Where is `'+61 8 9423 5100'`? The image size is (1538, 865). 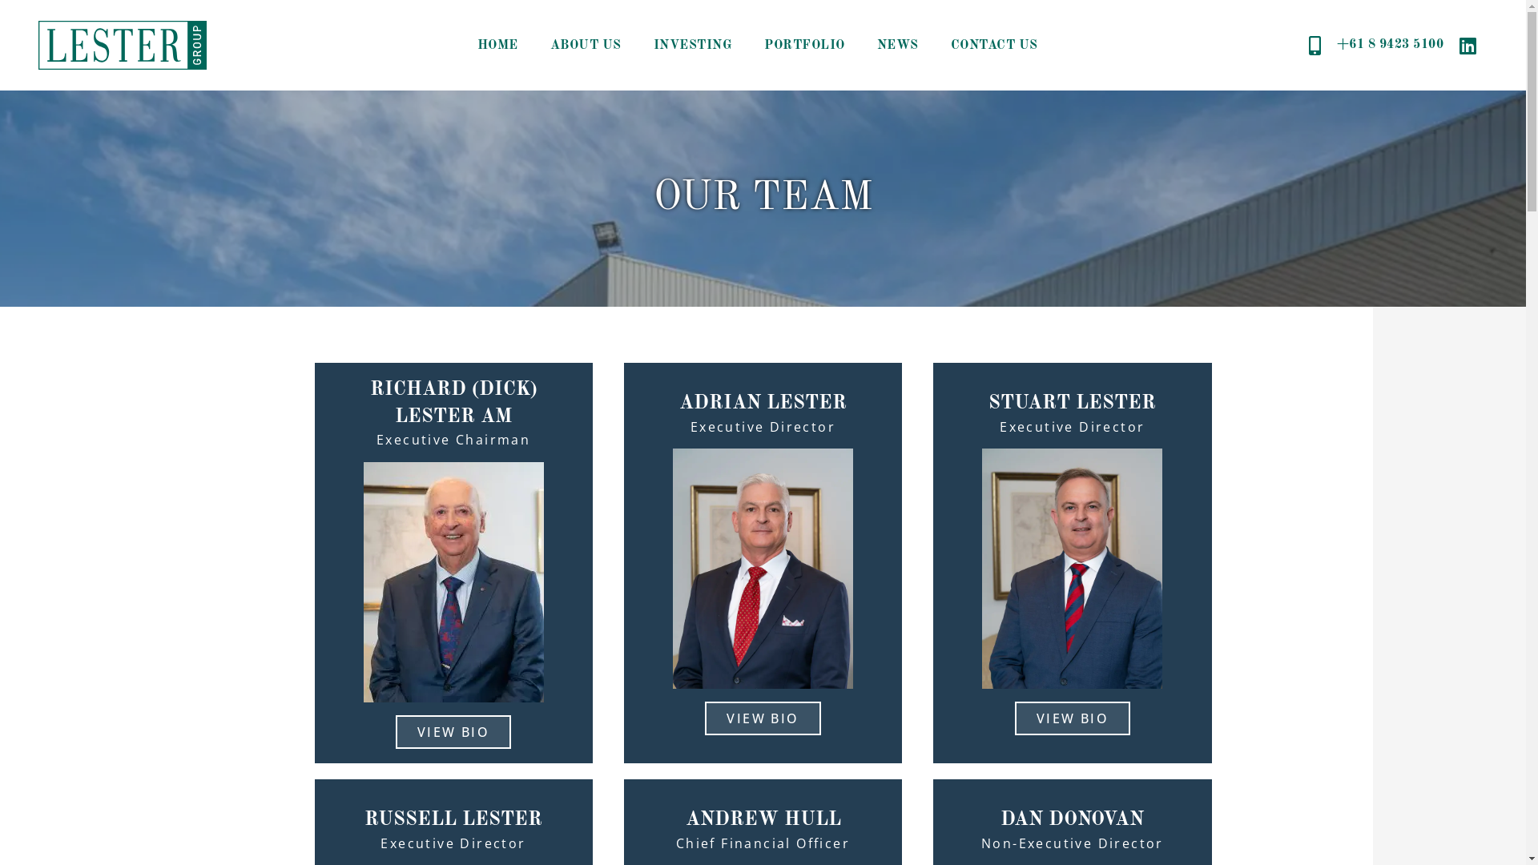 '+61 8 9423 5100' is located at coordinates (1375, 45).